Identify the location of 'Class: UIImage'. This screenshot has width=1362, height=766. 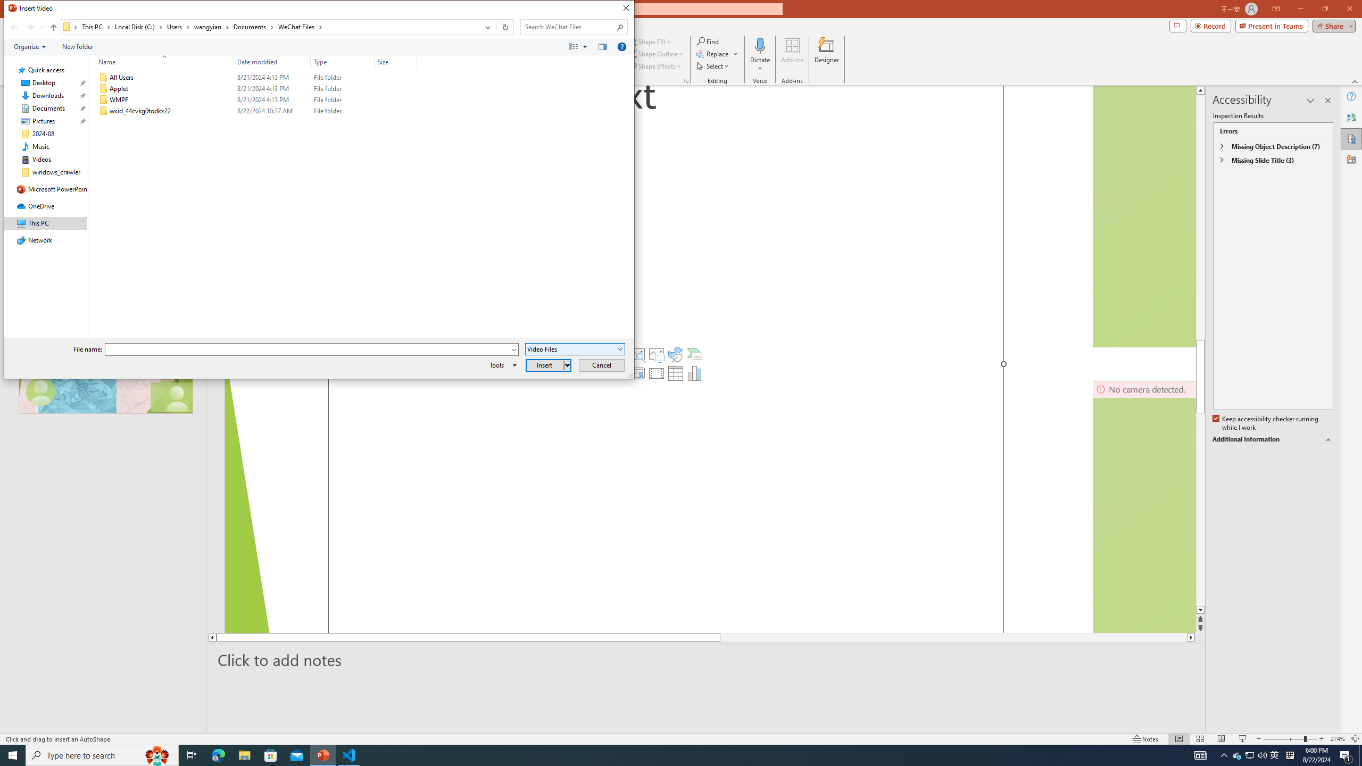
(104, 111).